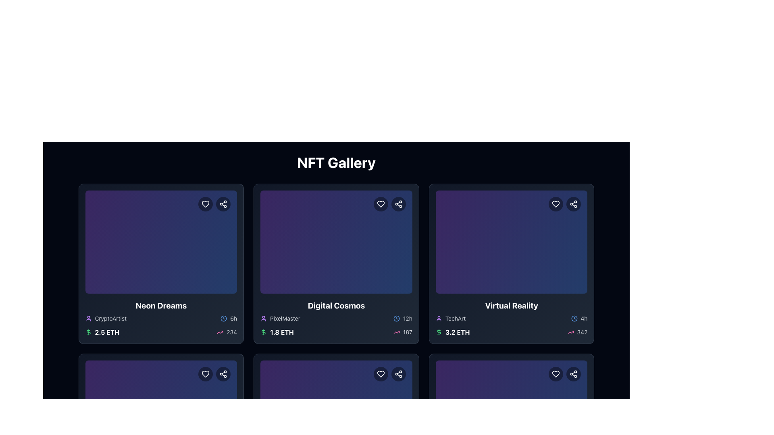  I want to click on the heart icon, which is a minimalistic outlined heart located in the top-right corner of the card labeled 'Virtual Reality', to observe any visual changes, so click(556, 203).